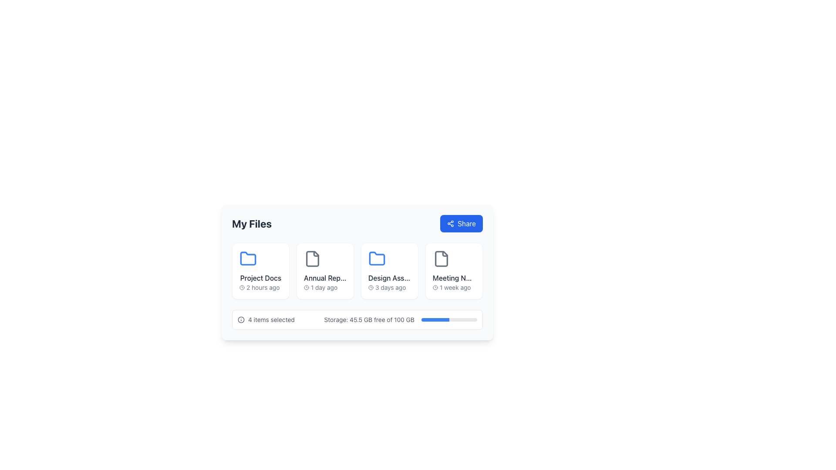 The height and width of the screenshot is (470, 836). I want to click on the storage information label displaying 'Storage: 45.5 GB free of 100 GB', which is styled in gray and positioned below the main content area, to the left of the progress bar, so click(369, 320).